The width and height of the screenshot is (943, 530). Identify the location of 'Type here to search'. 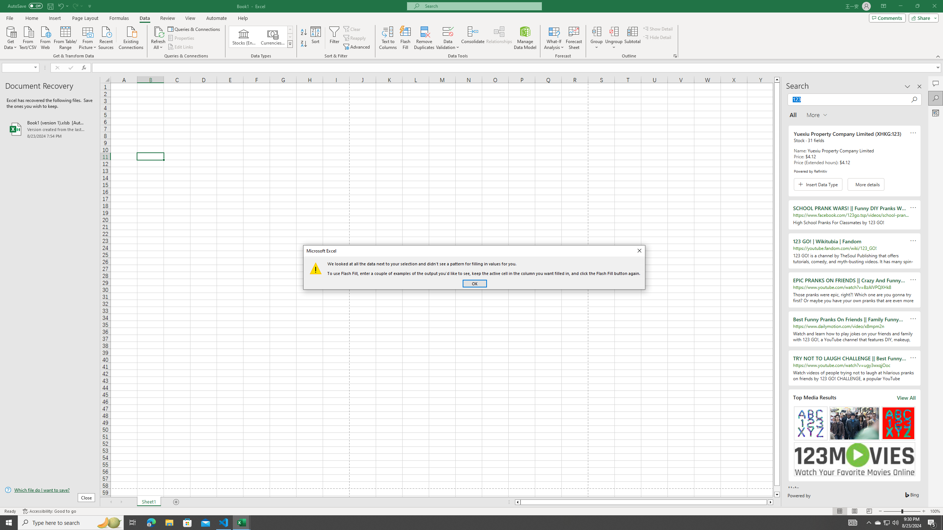
(70, 522).